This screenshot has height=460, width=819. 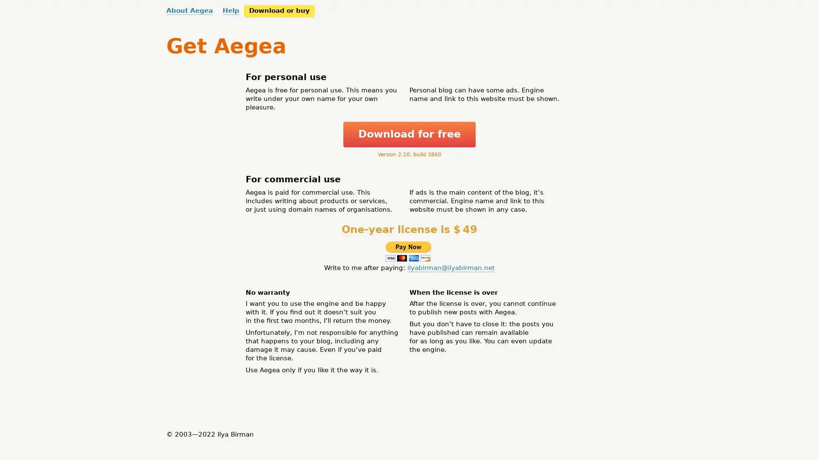 I want to click on PayPal - The safer, easier way to pay online!, so click(x=407, y=251).